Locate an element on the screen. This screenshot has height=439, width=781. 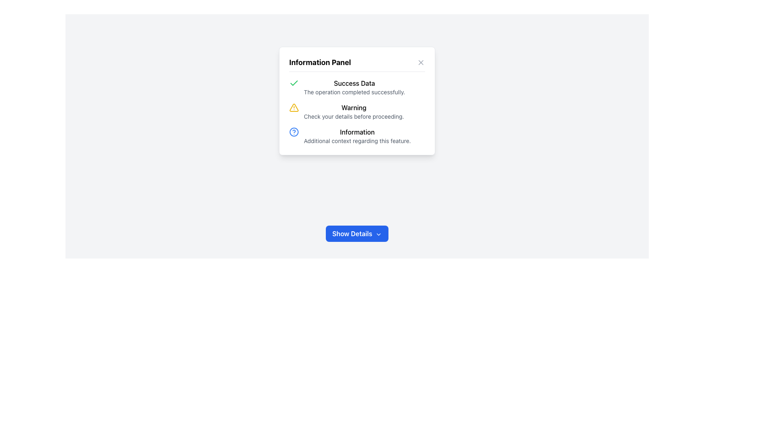
text block titled 'Information' and its description 'Additional context regarding this feature.' located below the 'Warning' section in the 'Information Panel' pop-up is located at coordinates (357, 136).